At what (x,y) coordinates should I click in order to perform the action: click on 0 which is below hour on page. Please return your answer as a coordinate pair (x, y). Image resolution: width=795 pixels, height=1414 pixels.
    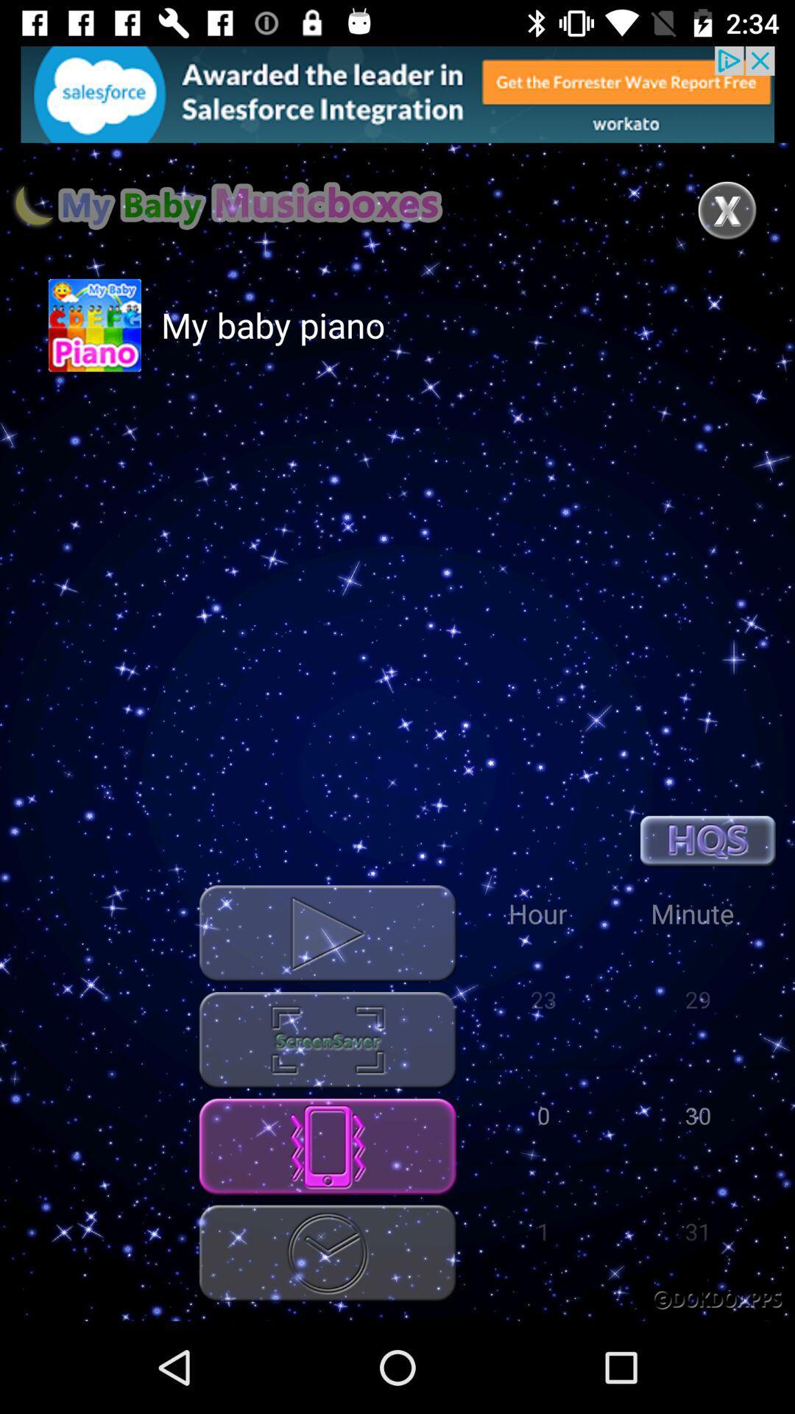
    Looking at the image, I should click on (544, 1115).